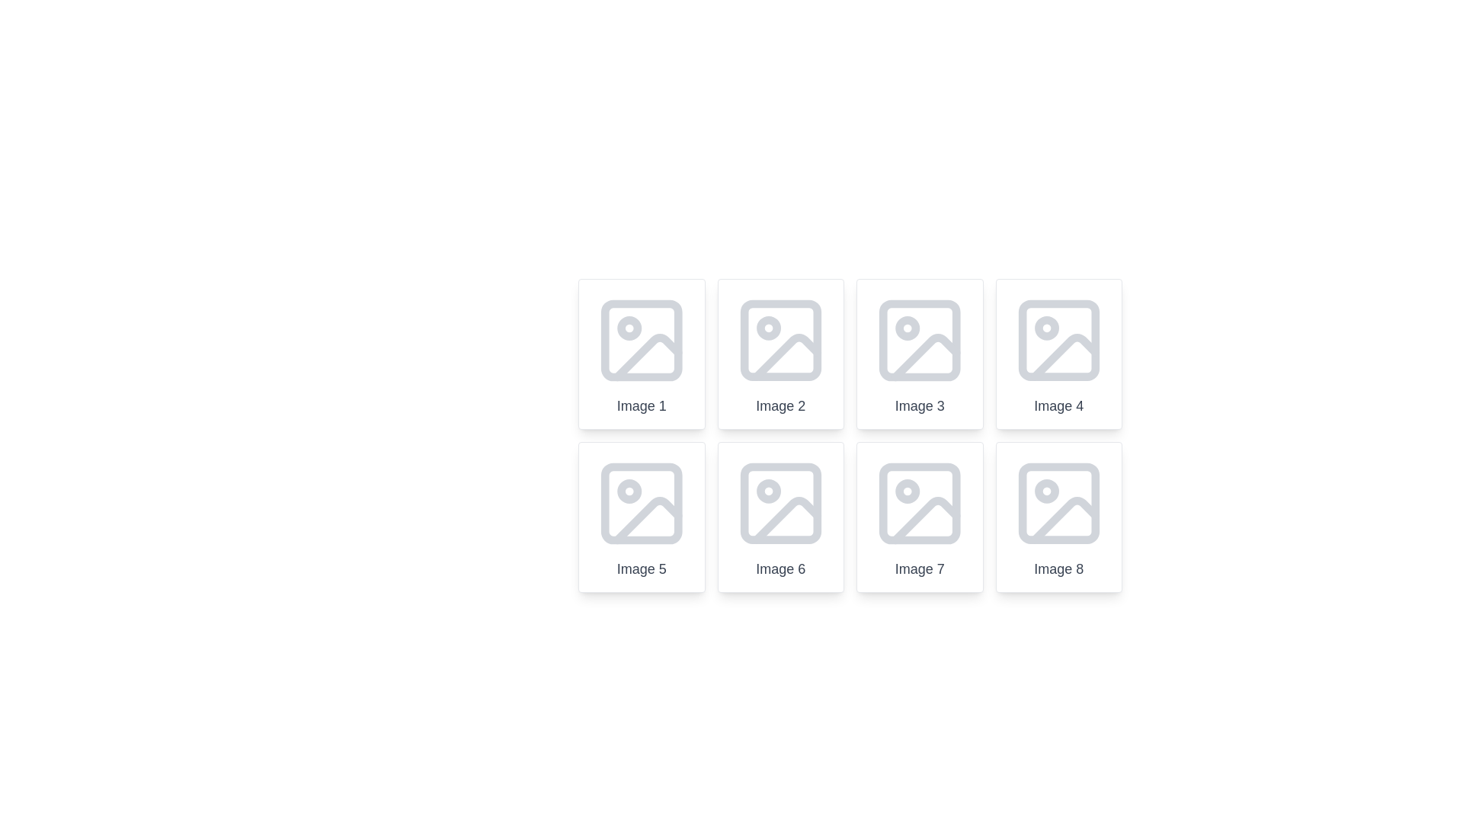  I want to click on the Icon Decoration Shape element, which is a decorative shape enhancing the visual representation of the 'Image 8' tile located at the bottom-right corner of the grid, so click(1058, 503).